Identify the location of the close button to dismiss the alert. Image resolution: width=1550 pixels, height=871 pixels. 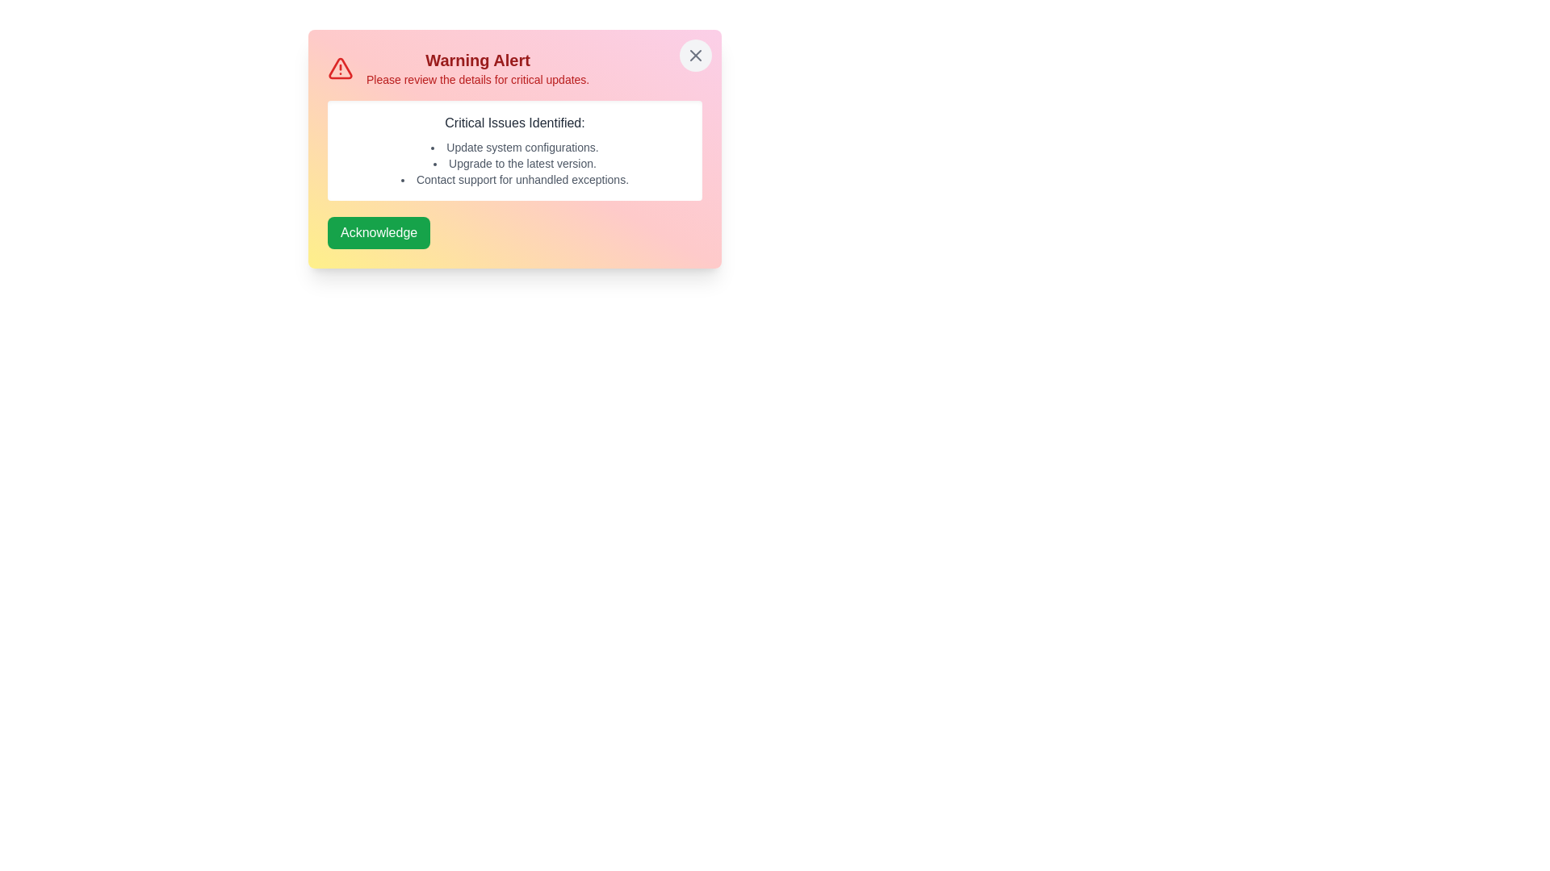
(696, 55).